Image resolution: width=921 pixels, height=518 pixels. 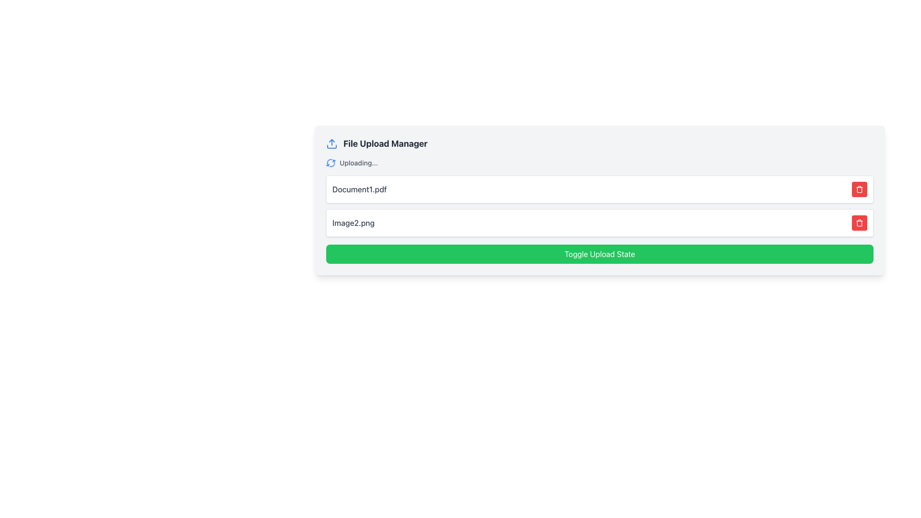 I want to click on the green rectangular button labeled 'Toggle Upload State' located at the bottom of the 'File Upload Manager', so click(x=599, y=253).